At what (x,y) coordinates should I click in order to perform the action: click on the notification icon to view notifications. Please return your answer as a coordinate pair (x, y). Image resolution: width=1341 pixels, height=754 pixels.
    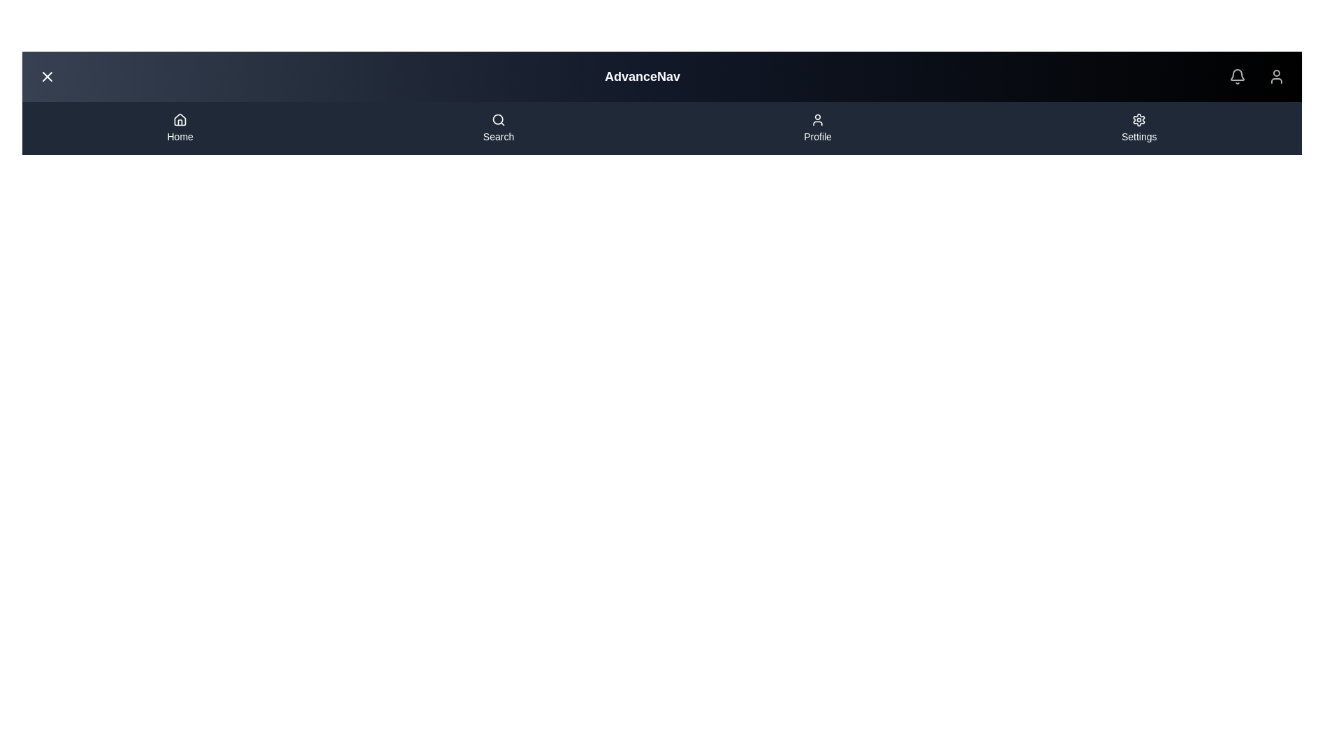
    Looking at the image, I should click on (1237, 77).